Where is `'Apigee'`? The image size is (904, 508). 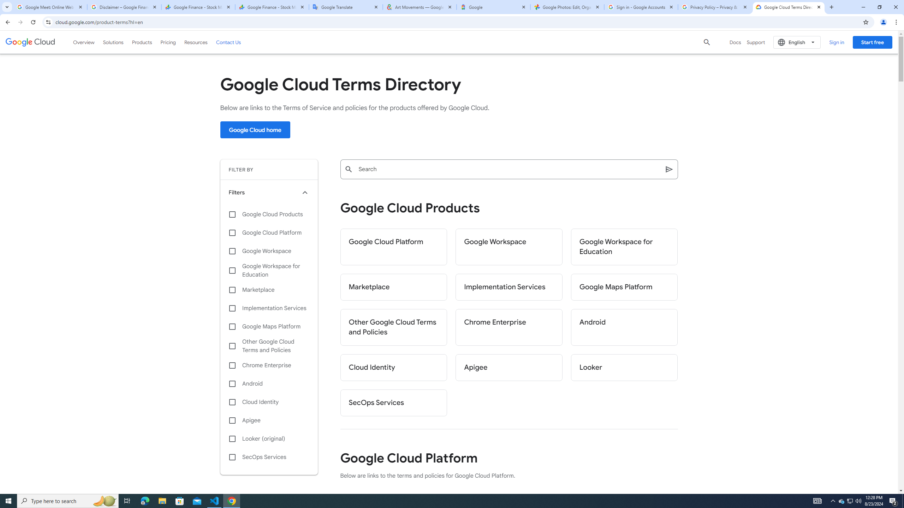 'Apigee' is located at coordinates (509, 367).